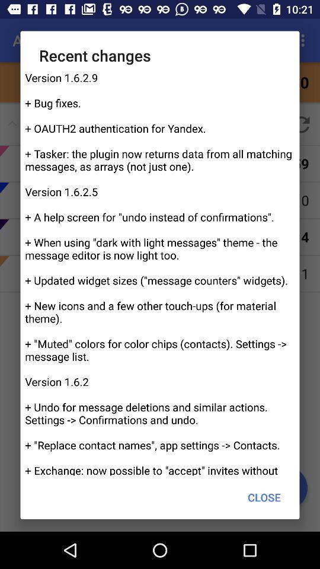  Describe the element at coordinates (264, 497) in the screenshot. I see `the close` at that location.